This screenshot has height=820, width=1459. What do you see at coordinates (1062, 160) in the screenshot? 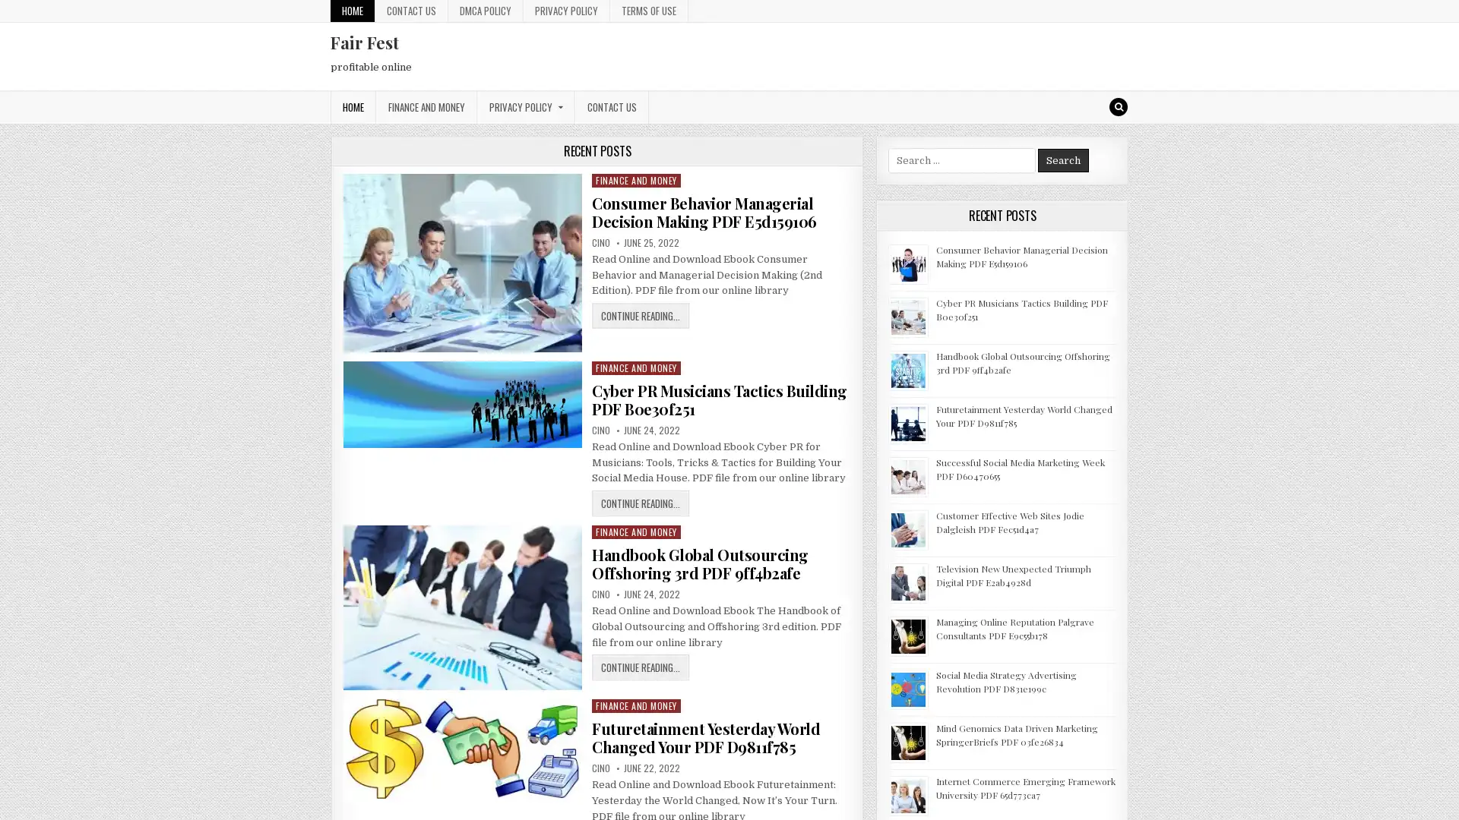
I see `Search` at bounding box center [1062, 160].